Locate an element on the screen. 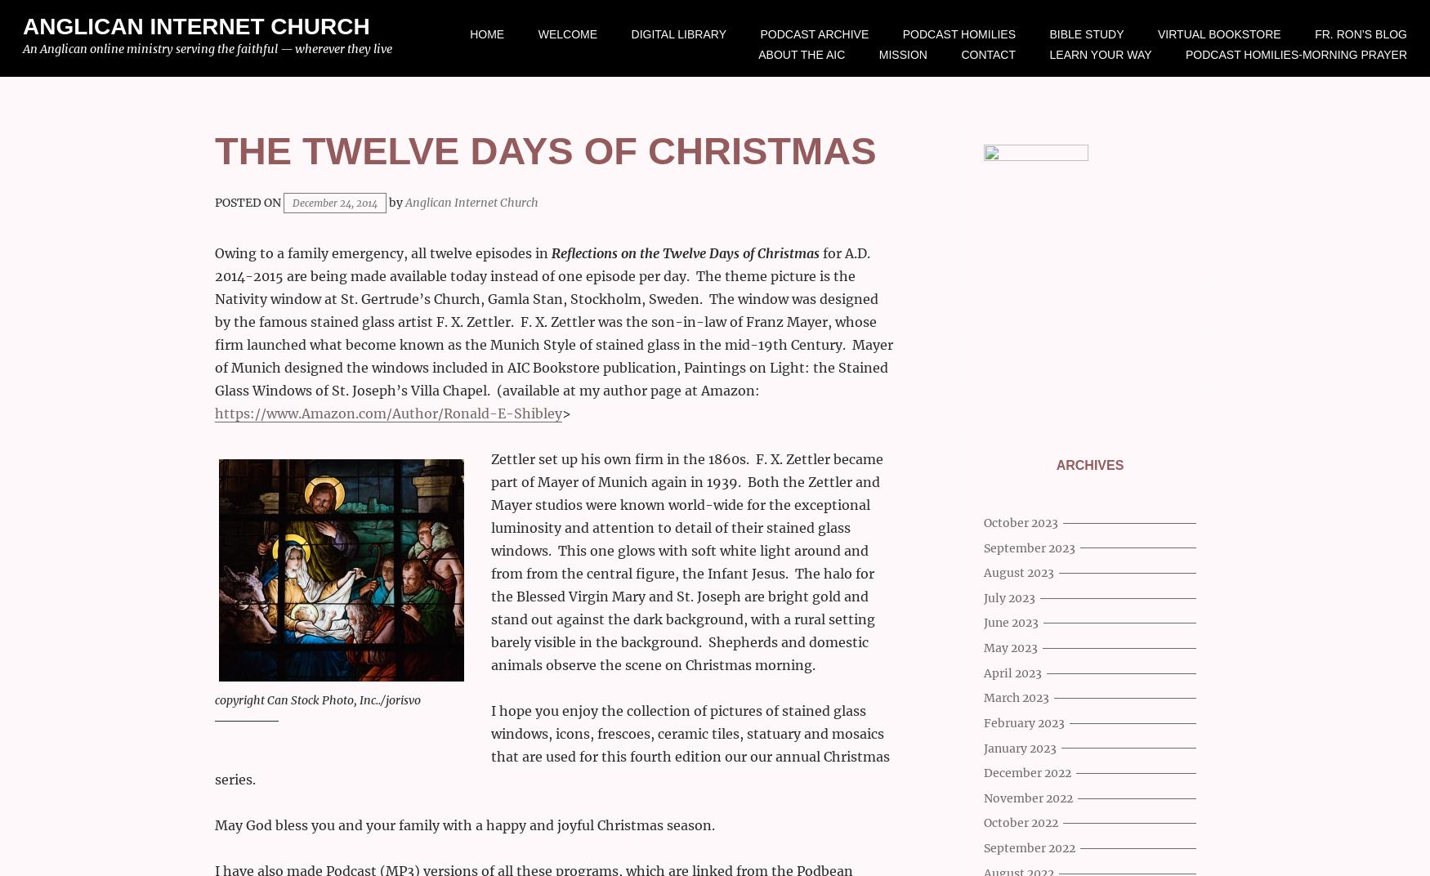  'Bible Study' is located at coordinates (1086, 34).